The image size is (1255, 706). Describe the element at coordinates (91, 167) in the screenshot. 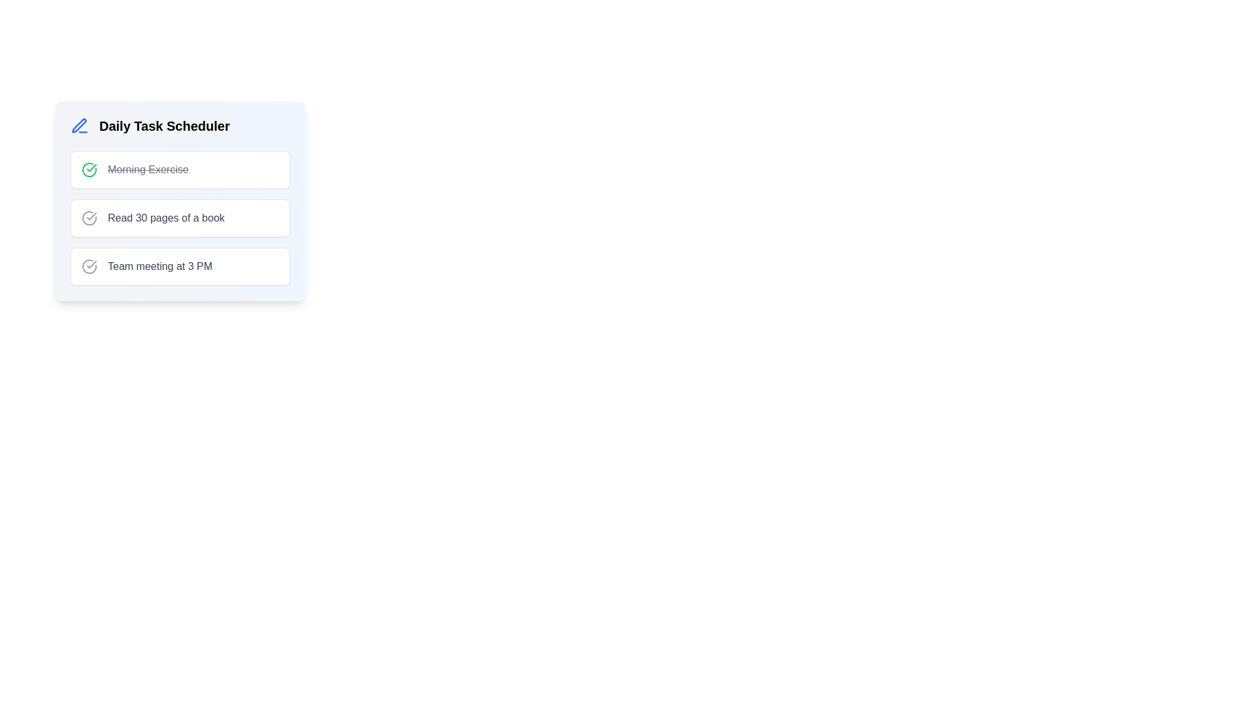

I see `alignment of the checkmark icon indicating the completion of the task 'Read 30 pages of a book' within the 'Daily Task Scheduler' card` at that location.